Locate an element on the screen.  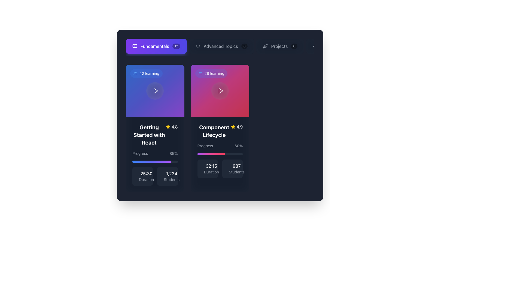
the text label displaying 'Advanced Topics', which is styled with light gray text on a dark background, located in the top-center area of the interface is located at coordinates (221, 46).